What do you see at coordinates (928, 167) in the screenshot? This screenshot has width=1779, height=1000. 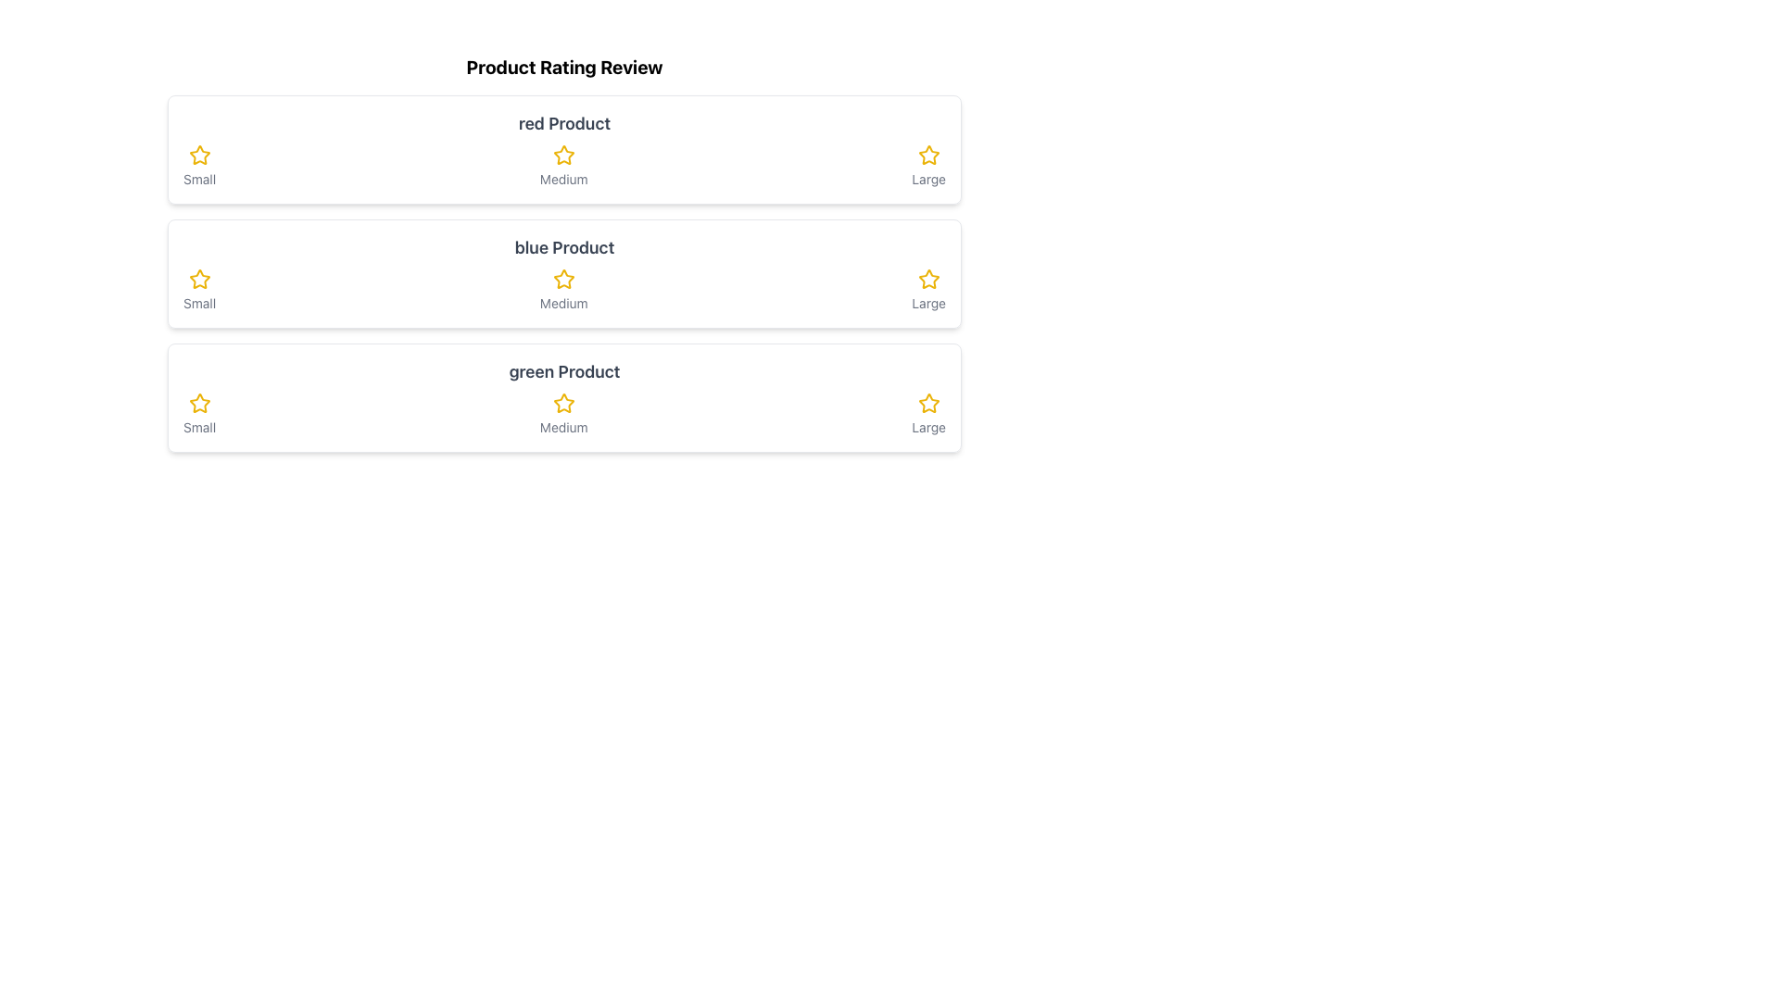 I see `the composite UI element consisting of a yellow star icon and the text label 'Large'` at bounding box center [928, 167].